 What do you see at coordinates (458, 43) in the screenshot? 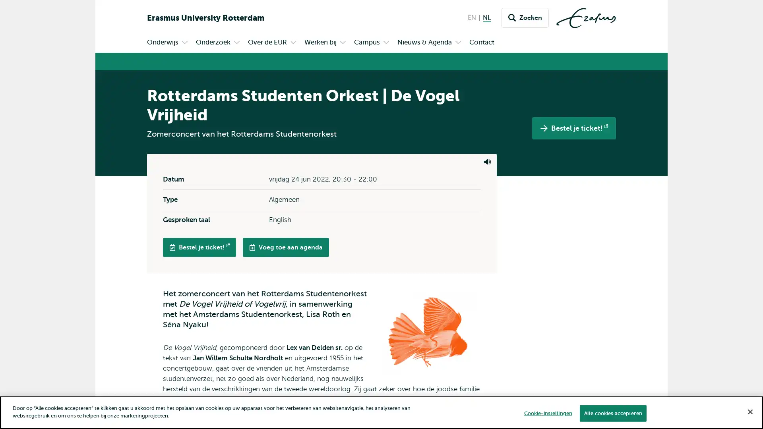
I see `Open submenu` at bounding box center [458, 43].